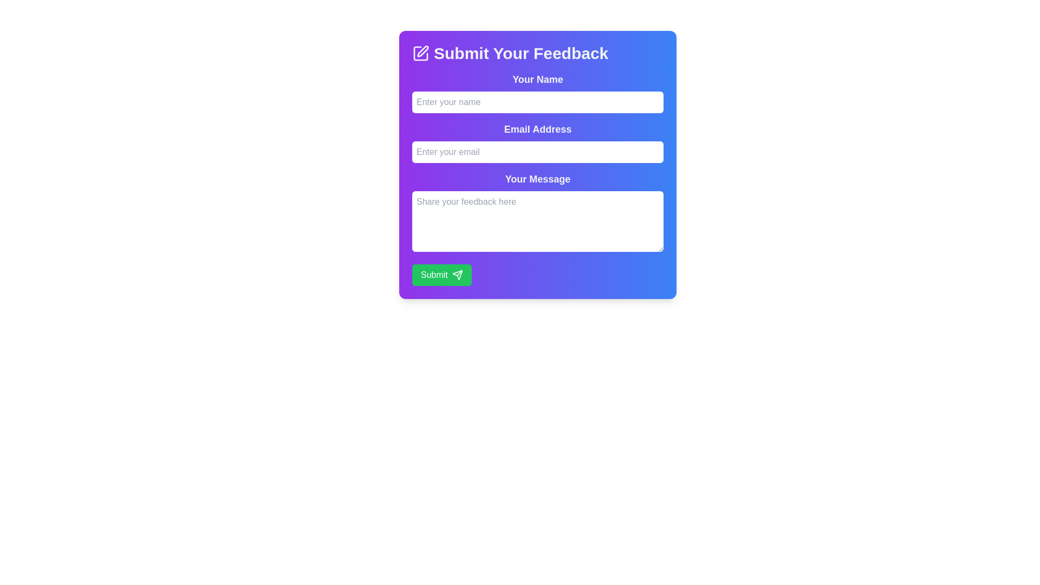 The height and width of the screenshot is (585, 1040). Describe the element at coordinates (538, 179) in the screenshot. I see `the descriptive label for the textbox used to enter a user's message or feedback, which is the third label in the form section of the card-like interface` at that location.